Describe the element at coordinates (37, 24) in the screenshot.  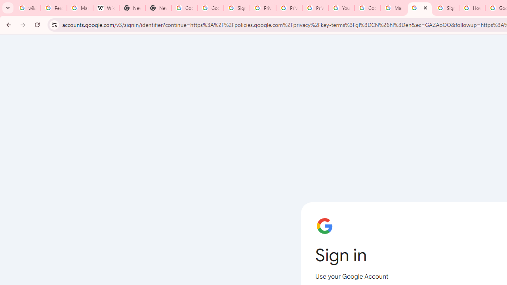
I see `'Reload'` at that location.